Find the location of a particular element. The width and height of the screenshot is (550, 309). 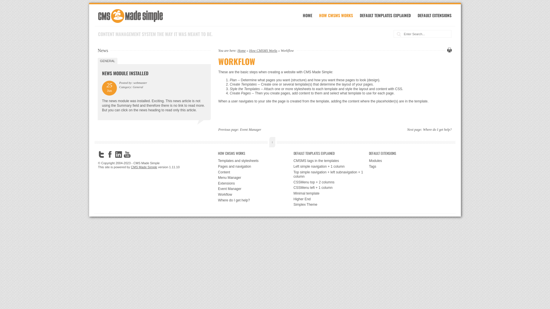

'DEFAULT TEMPLATES EXPLAINED' is located at coordinates (293, 153).